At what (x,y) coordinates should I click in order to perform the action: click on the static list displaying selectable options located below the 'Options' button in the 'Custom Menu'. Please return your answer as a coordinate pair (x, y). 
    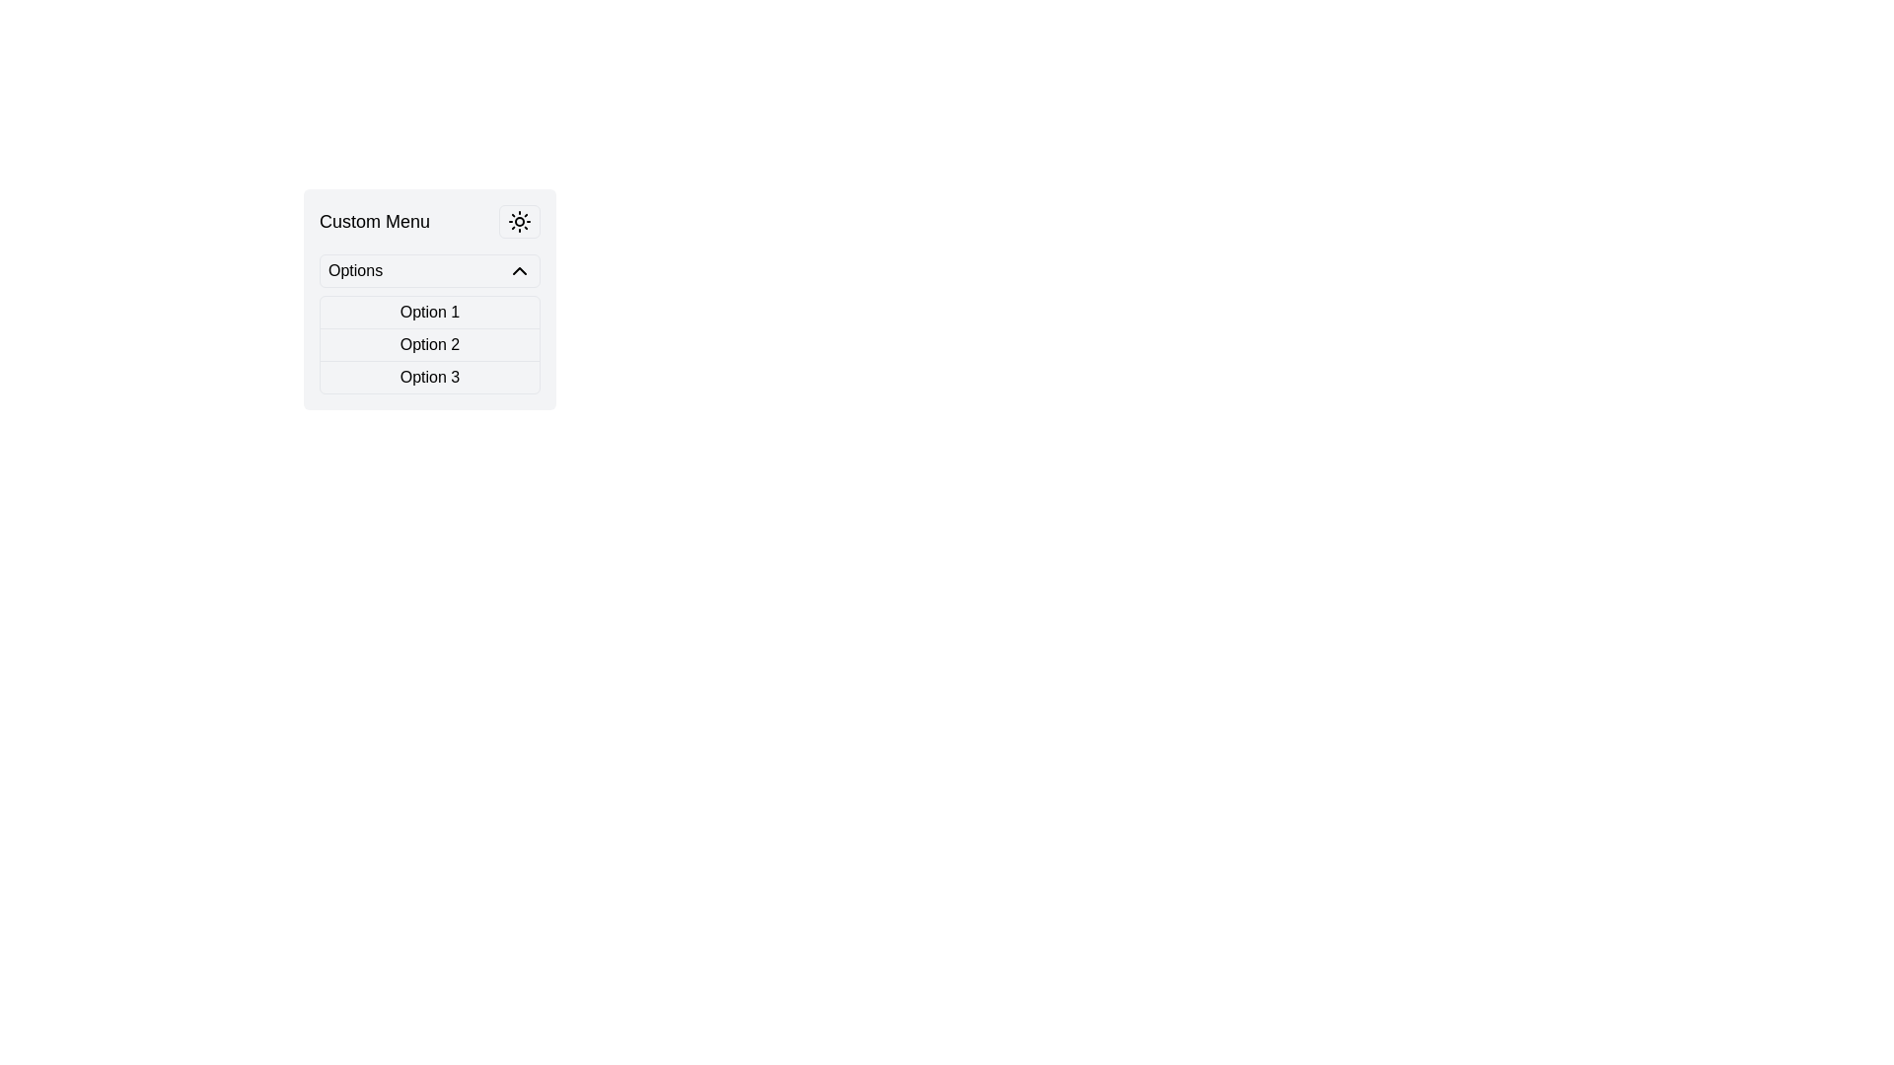
    Looking at the image, I should click on (429, 344).